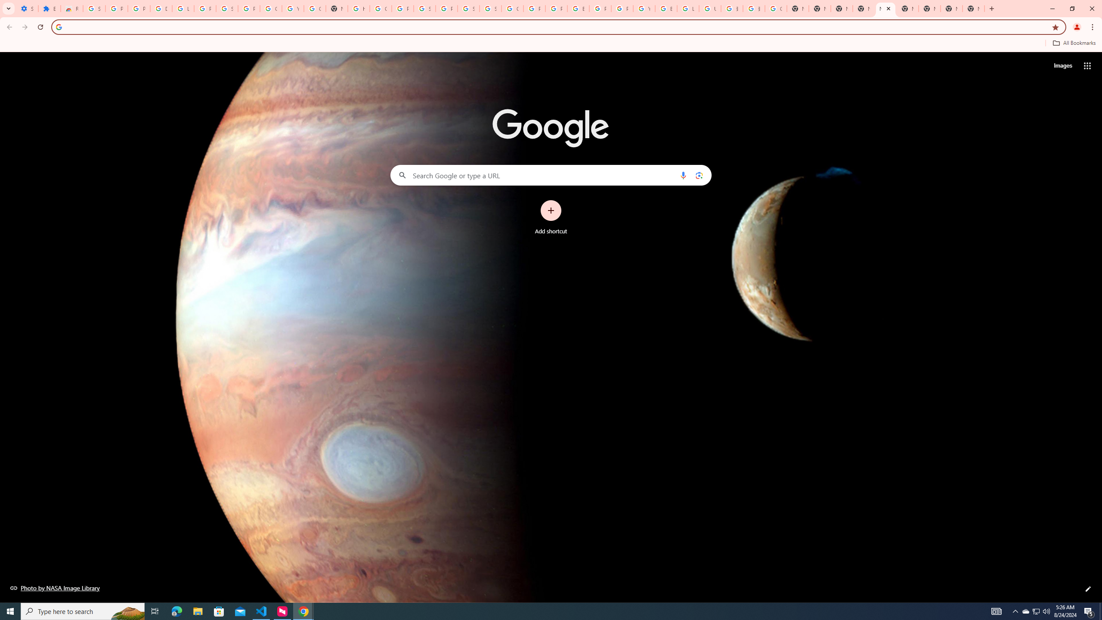 The width and height of the screenshot is (1102, 620). I want to click on 'Google Images', so click(776, 8).